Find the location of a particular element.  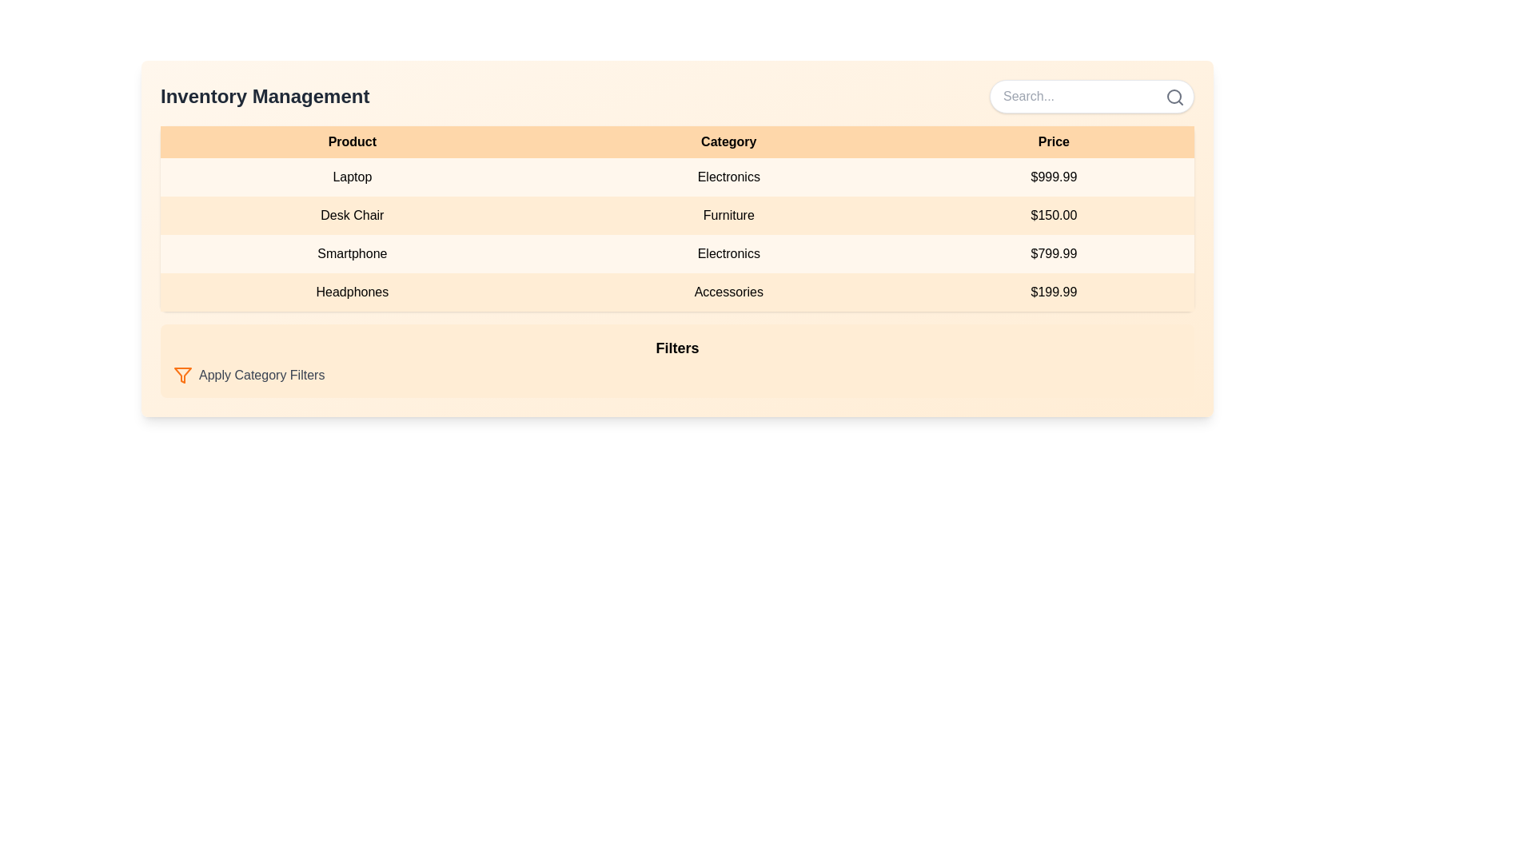

the price label displaying '$199.99' for the 'Headphones' in the Accessories category, located in the rightmost position of the third column is located at coordinates (1054, 292).